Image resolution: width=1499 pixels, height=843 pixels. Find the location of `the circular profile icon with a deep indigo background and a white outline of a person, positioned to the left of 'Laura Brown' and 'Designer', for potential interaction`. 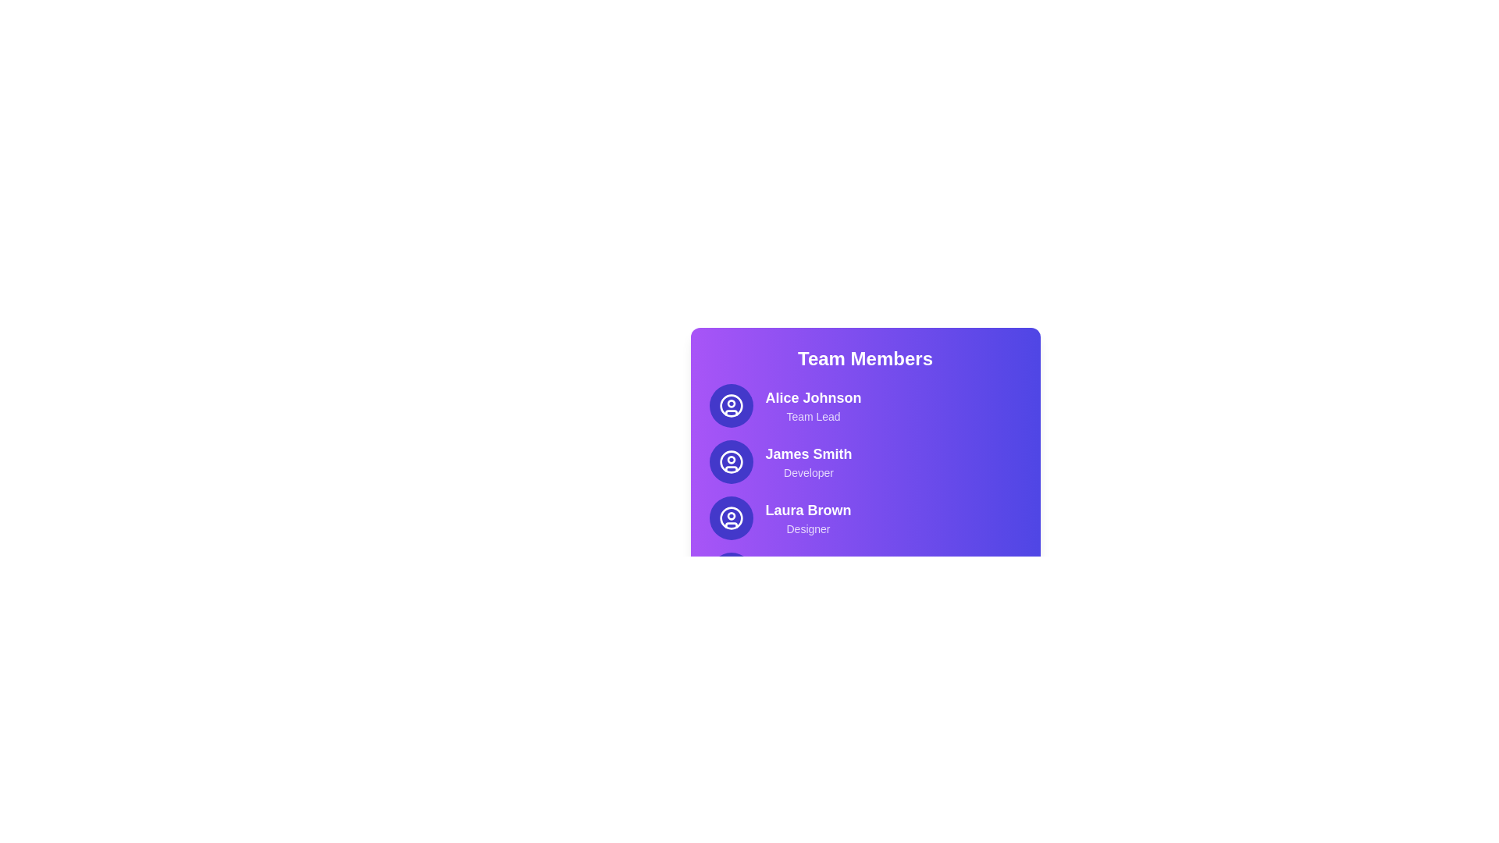

the circular profile icon with a deep indigo background and a white outline of a person, positioned to the left of 'Laura Brown' and 'Designer', for potential interaction is located at coordinates (730, 518).